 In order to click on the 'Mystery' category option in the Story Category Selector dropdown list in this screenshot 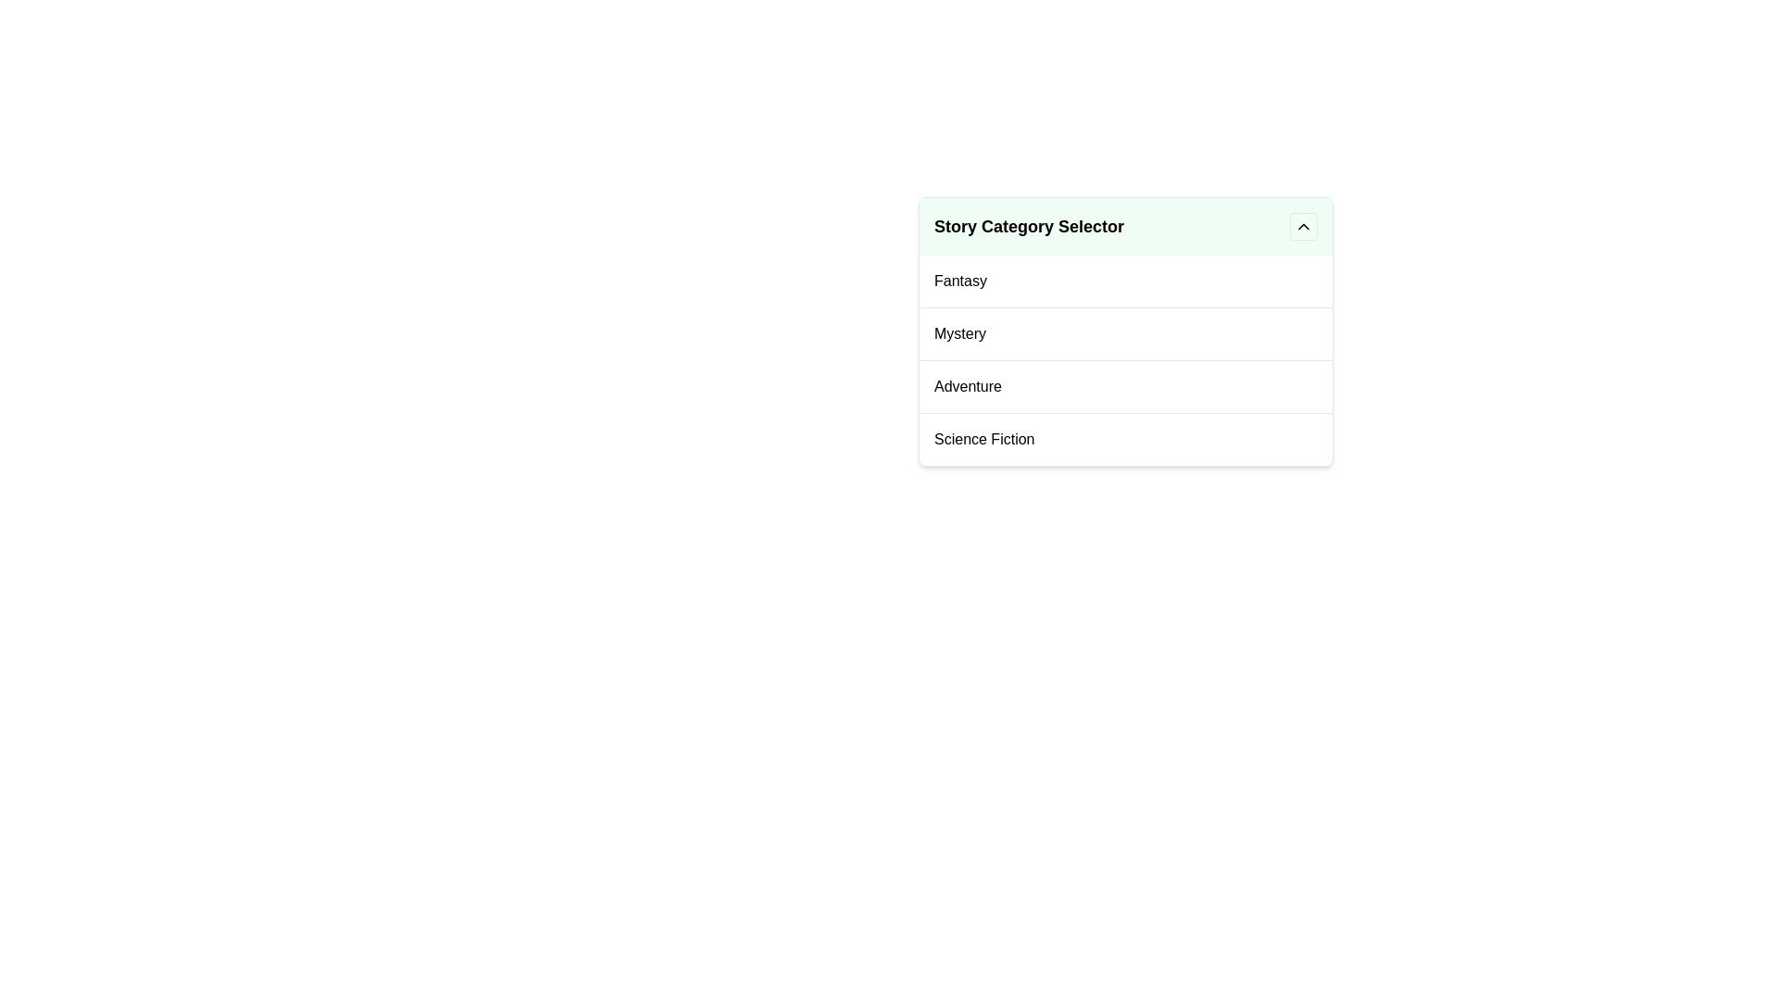, I will do `click(959, 334)`.